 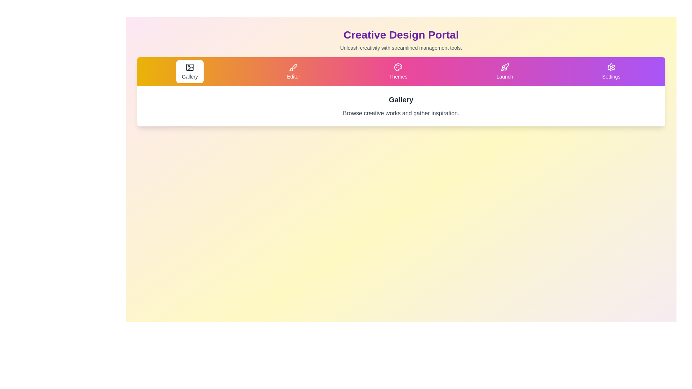 I want to click on the painter's palette icon, which is a circular icon with a pink-to-purple gradient background, located, so click(x=398, y=67).